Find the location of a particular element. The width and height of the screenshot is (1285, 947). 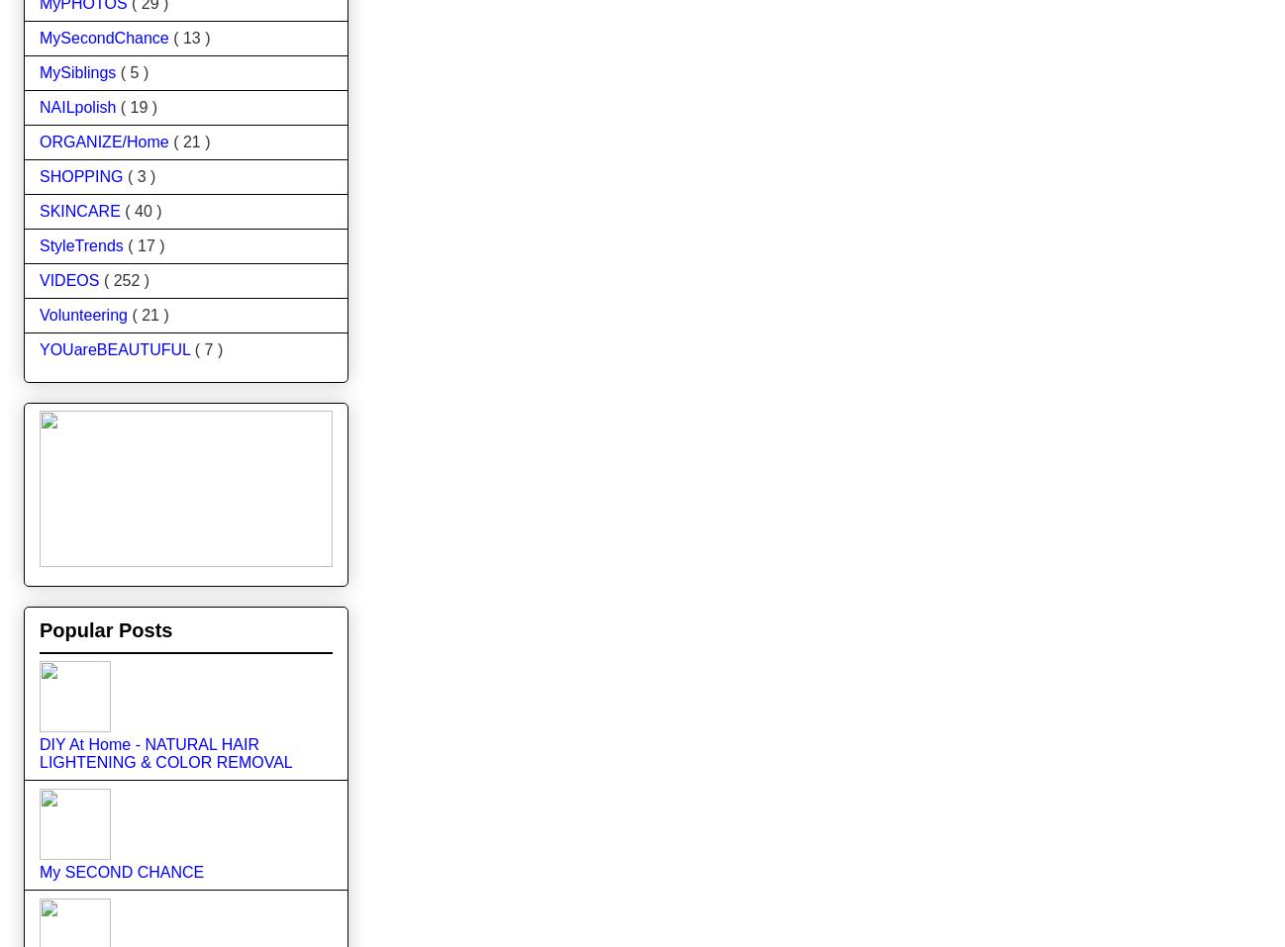

'(
                      5
                      )' is located at coordinates (133, 70).